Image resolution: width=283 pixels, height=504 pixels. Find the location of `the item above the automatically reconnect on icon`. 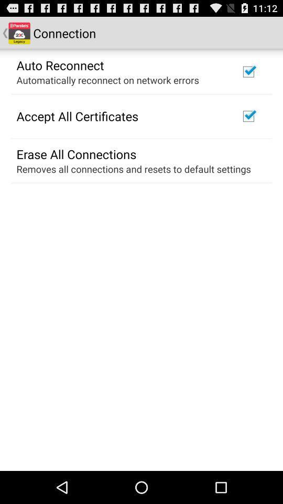

the item above the automatically reconnect on icon is located at coordinates (60, 64).